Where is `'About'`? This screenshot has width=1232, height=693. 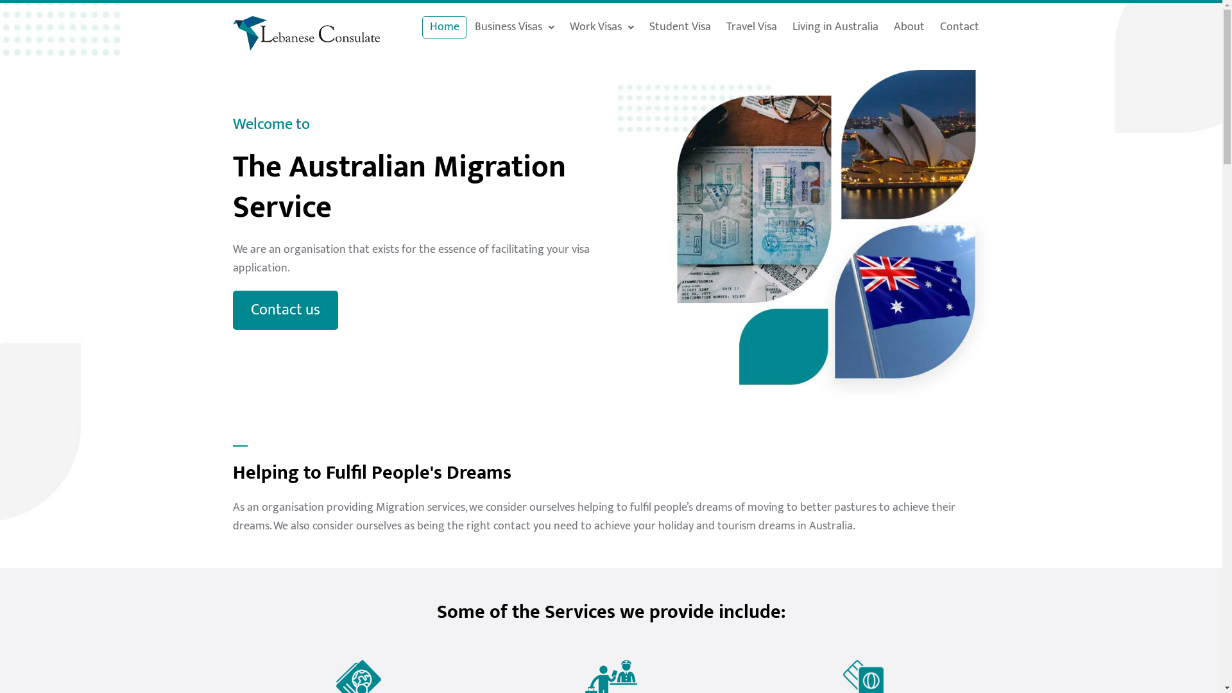
'About' is located at coordinates (908, 27).